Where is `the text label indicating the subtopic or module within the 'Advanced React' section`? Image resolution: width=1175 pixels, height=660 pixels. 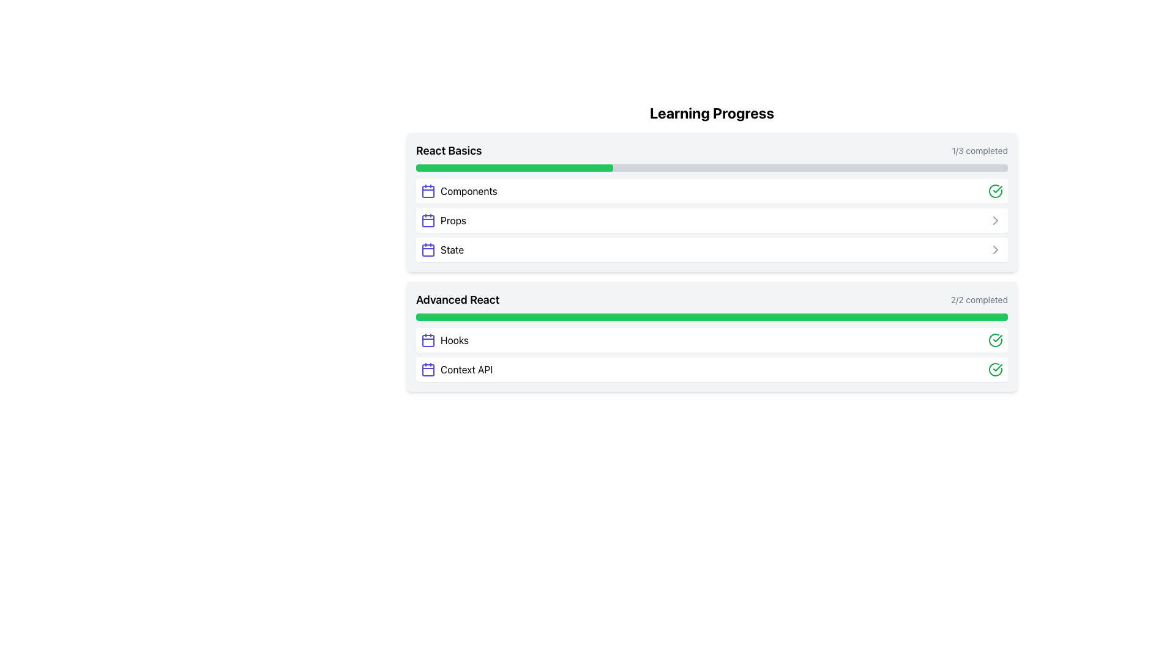
the text label indicating the subtopic or module within the 'Advanced React' section is located at coordinates (466, 369).